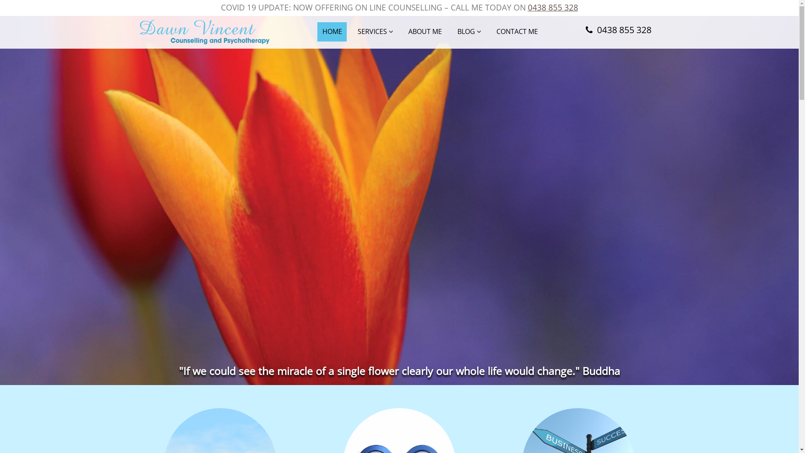 This screenshot has width=805, height=453. Describe the element at coordinates (469, 31) in the screenshot. I see `'BLOG'` at that location.